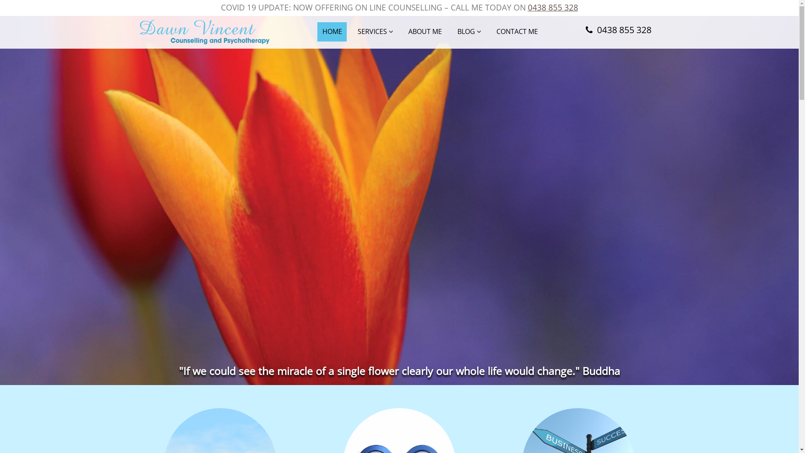 This screenshot has width=805, height=453. Describe the element at coordinates (469, 31) in the screenshot. I see `'BLOG'` at that location.